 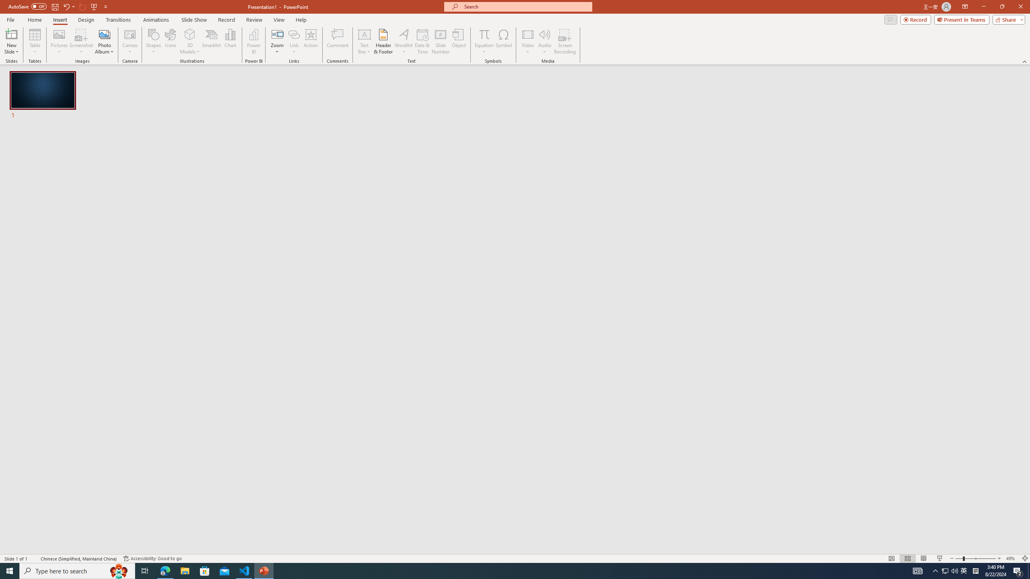 I want to click on 'Chart...', so click(x=230, y=41).